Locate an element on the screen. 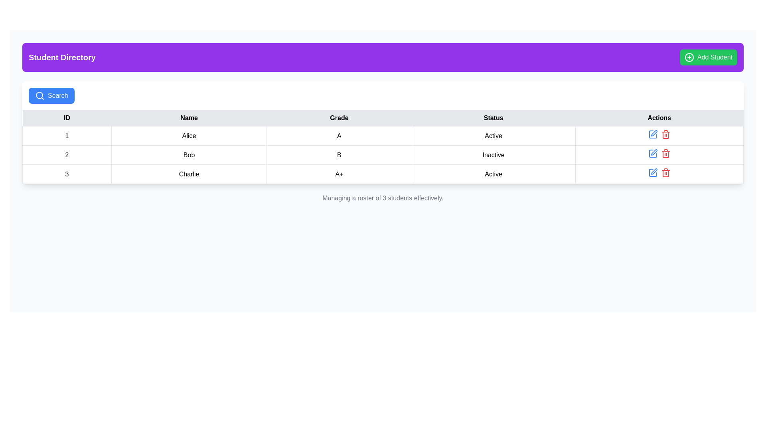  the text label displaying 'Inactive' located in the fourth column of the second row of the table, under the 'Status' header is located at coordinates (493, 155).